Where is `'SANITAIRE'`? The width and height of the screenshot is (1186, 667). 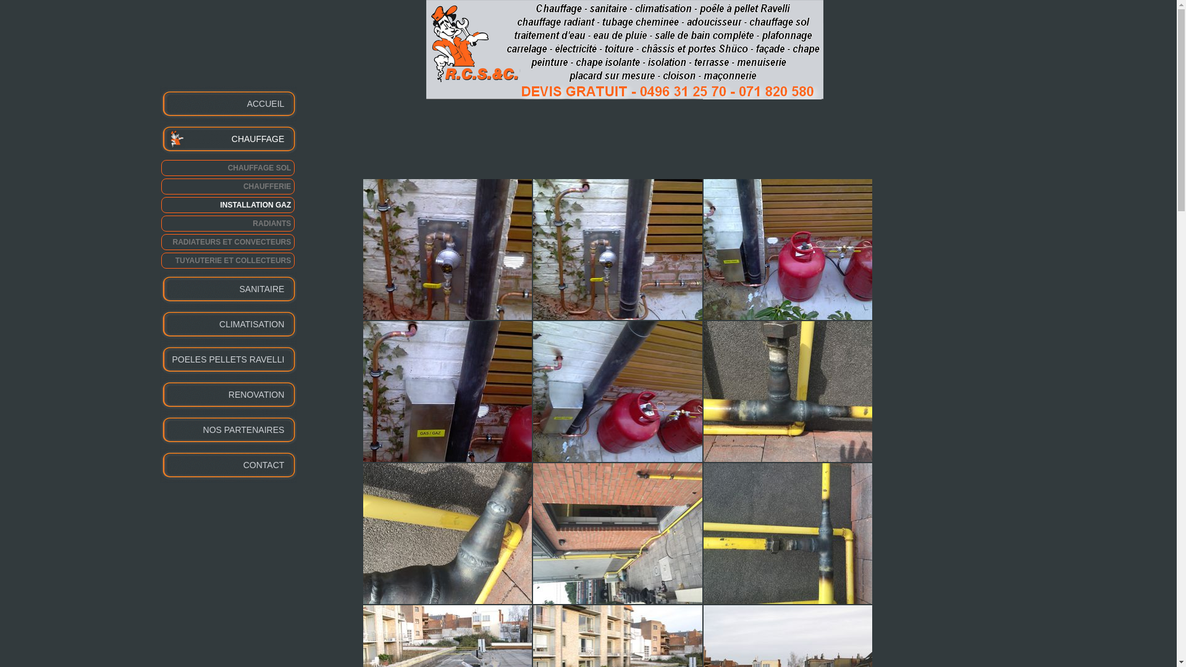 'SANITAIRE' is located at coordinates (228, 289).